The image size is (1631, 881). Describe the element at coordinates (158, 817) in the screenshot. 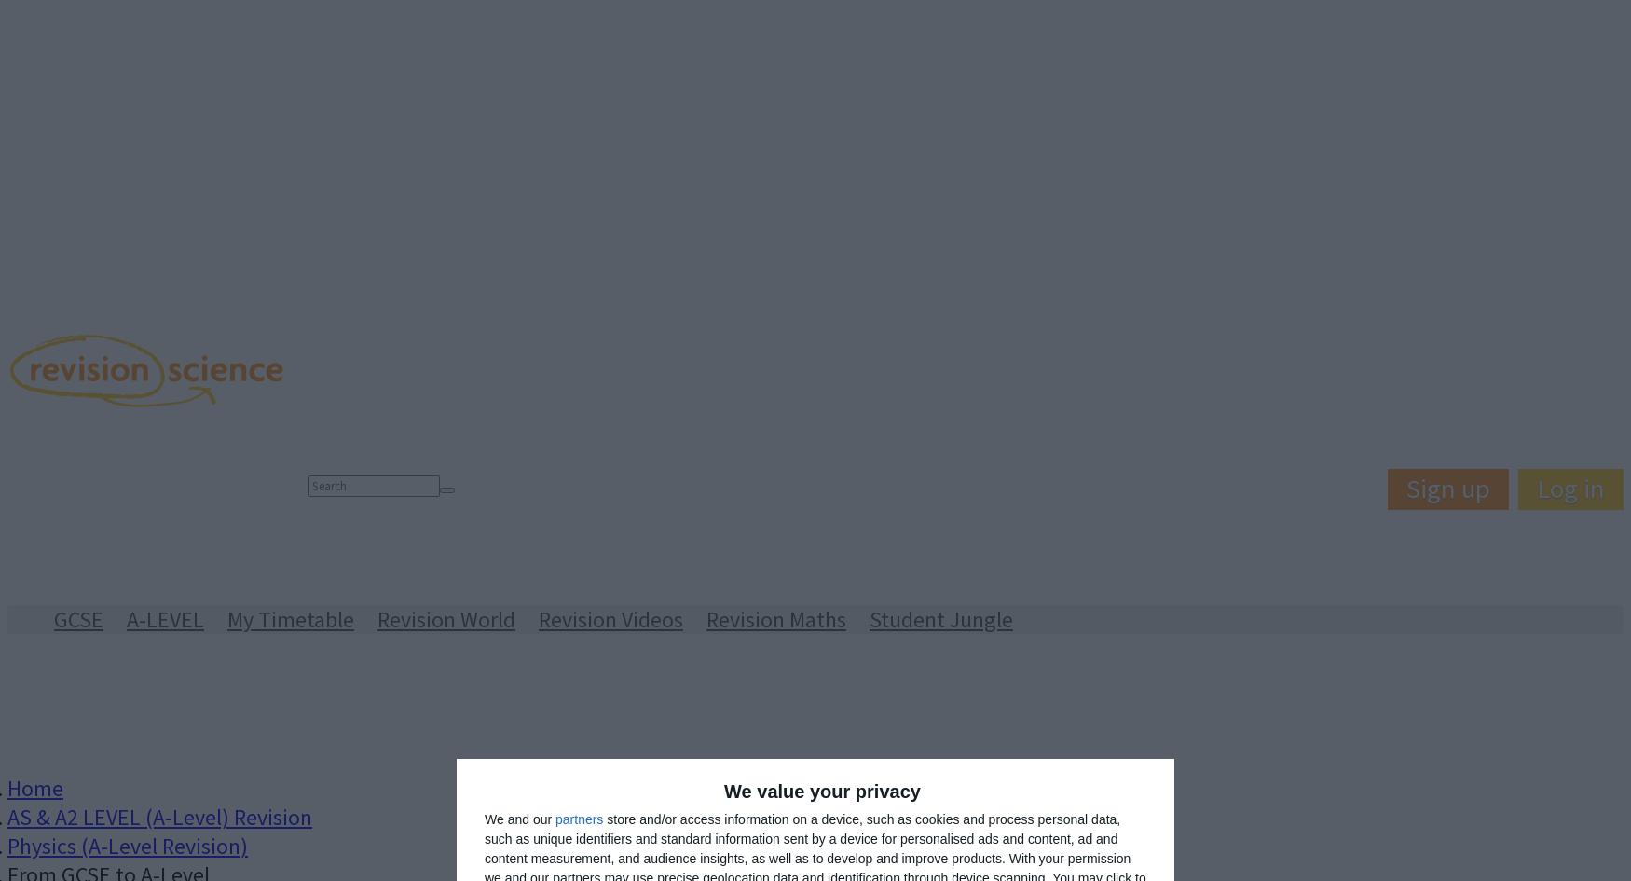

I see `'AS & A2 LEVEL (A-Level) Revision'` at that location.